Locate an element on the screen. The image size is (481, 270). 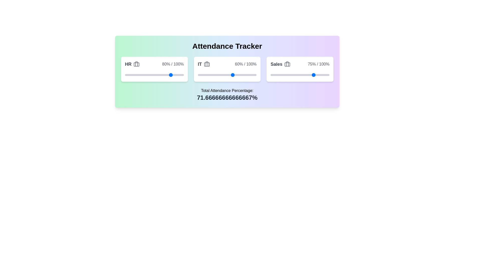
the HR slider is located at coordinates (145, 75).